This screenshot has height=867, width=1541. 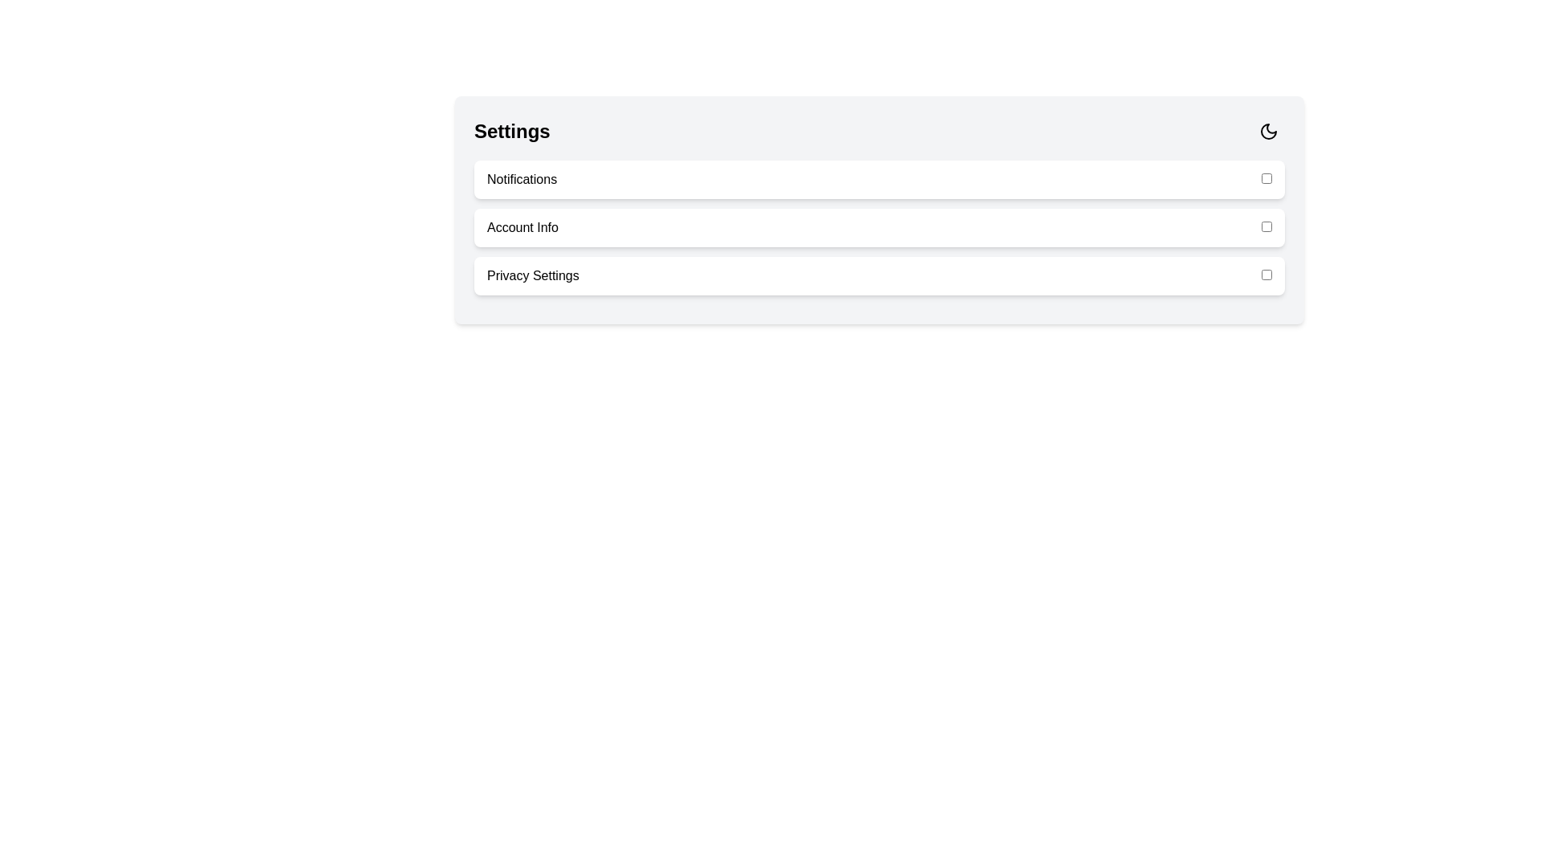 What do you see at coordinates (1266, 274) in the screenshot?
I see `the checkbox corresponding to 'Privacy Settings' to toggle its state` at bounding box center [1266, 274].